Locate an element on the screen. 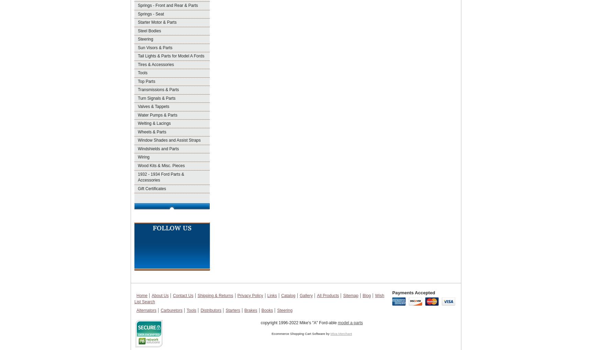 The height and width of the screenshot is (350, 592). 'Turn Signals & Parts' is located at coordinates (156, 98).